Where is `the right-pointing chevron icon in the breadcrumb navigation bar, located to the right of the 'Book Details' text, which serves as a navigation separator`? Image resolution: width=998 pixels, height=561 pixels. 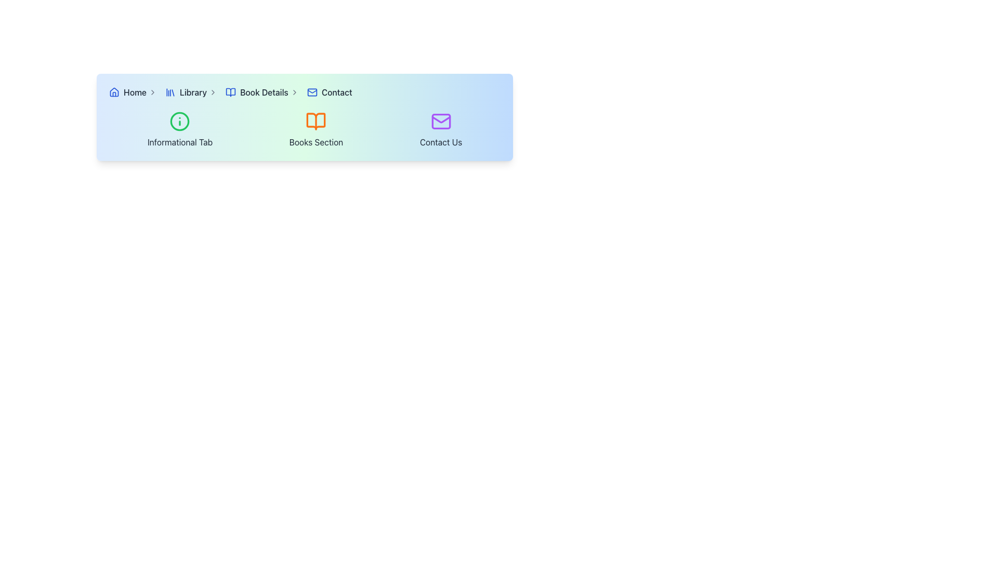
the right-pointing chevron icon in the breadcrumb navigation bar, located to the right of the 'Book Details' text, which serves as a navigation separator is located at coordinates (294, 91).